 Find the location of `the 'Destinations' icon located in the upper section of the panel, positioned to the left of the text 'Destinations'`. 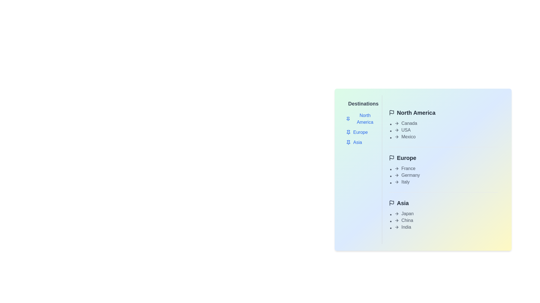

the 'Destinations' icon located in the upper section of the panel, positioned to the left of the text 'Destinations' is located at coordinates (349, 104).